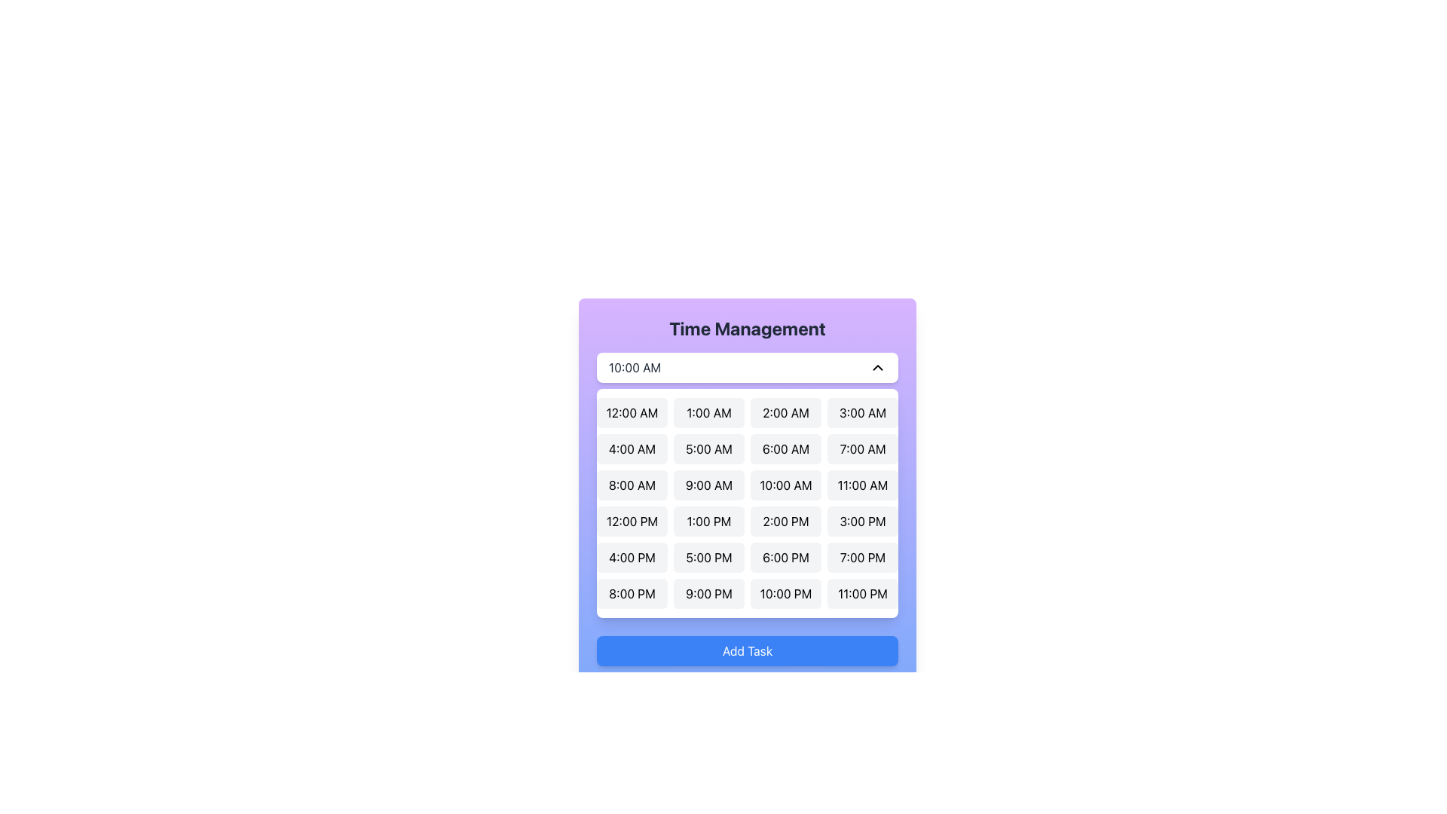  I want to click on the selectable time option button for '9:00 AM' to trigger the hover effect, so click(708, 485).